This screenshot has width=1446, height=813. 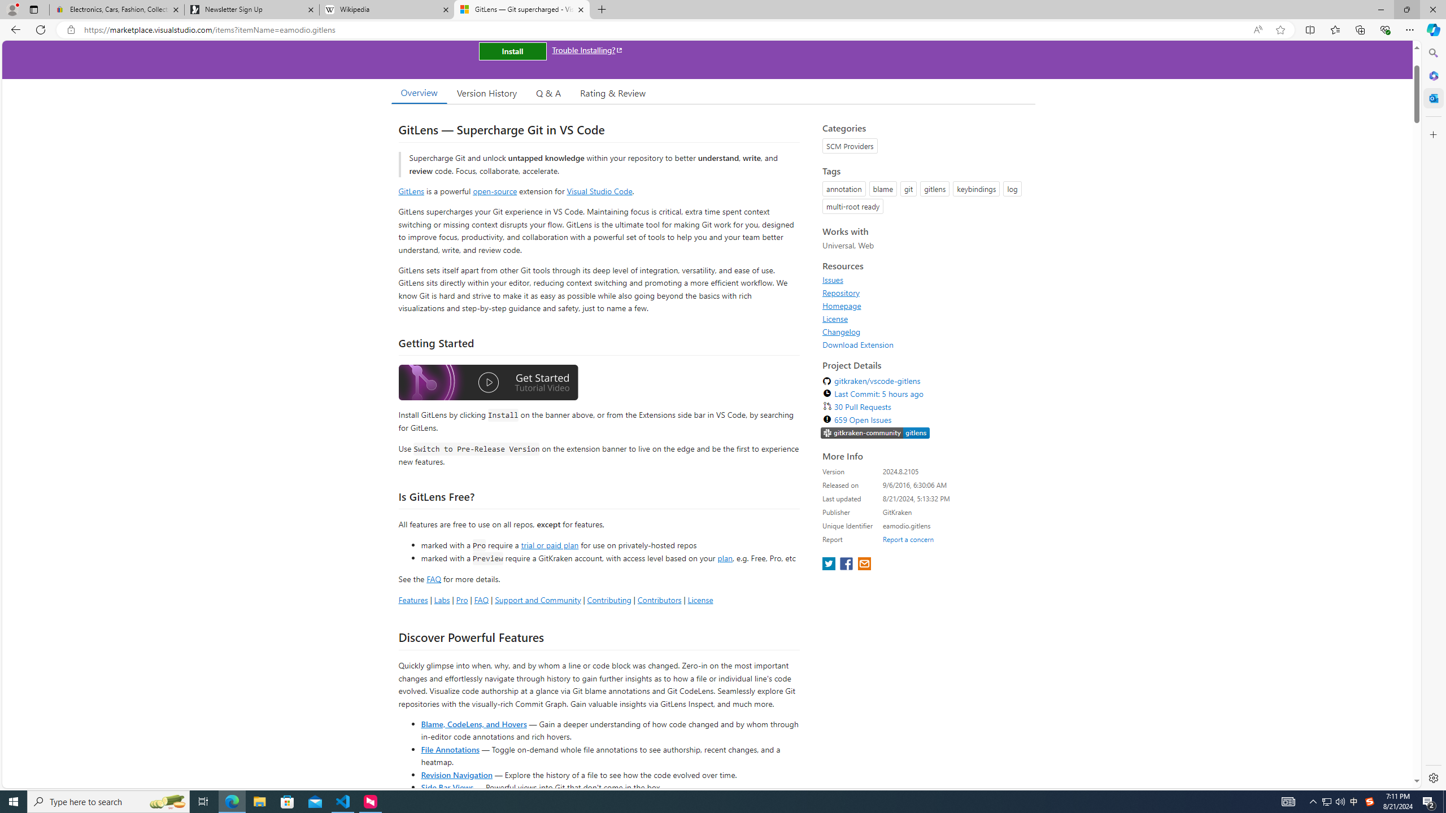 I want to click on 'open-source', so click(x=495, y=190).